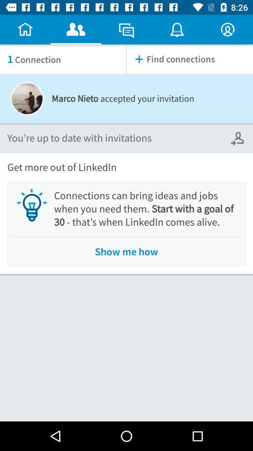  I want to click on the item to the right of the 1 connection item, so click(190, 59).